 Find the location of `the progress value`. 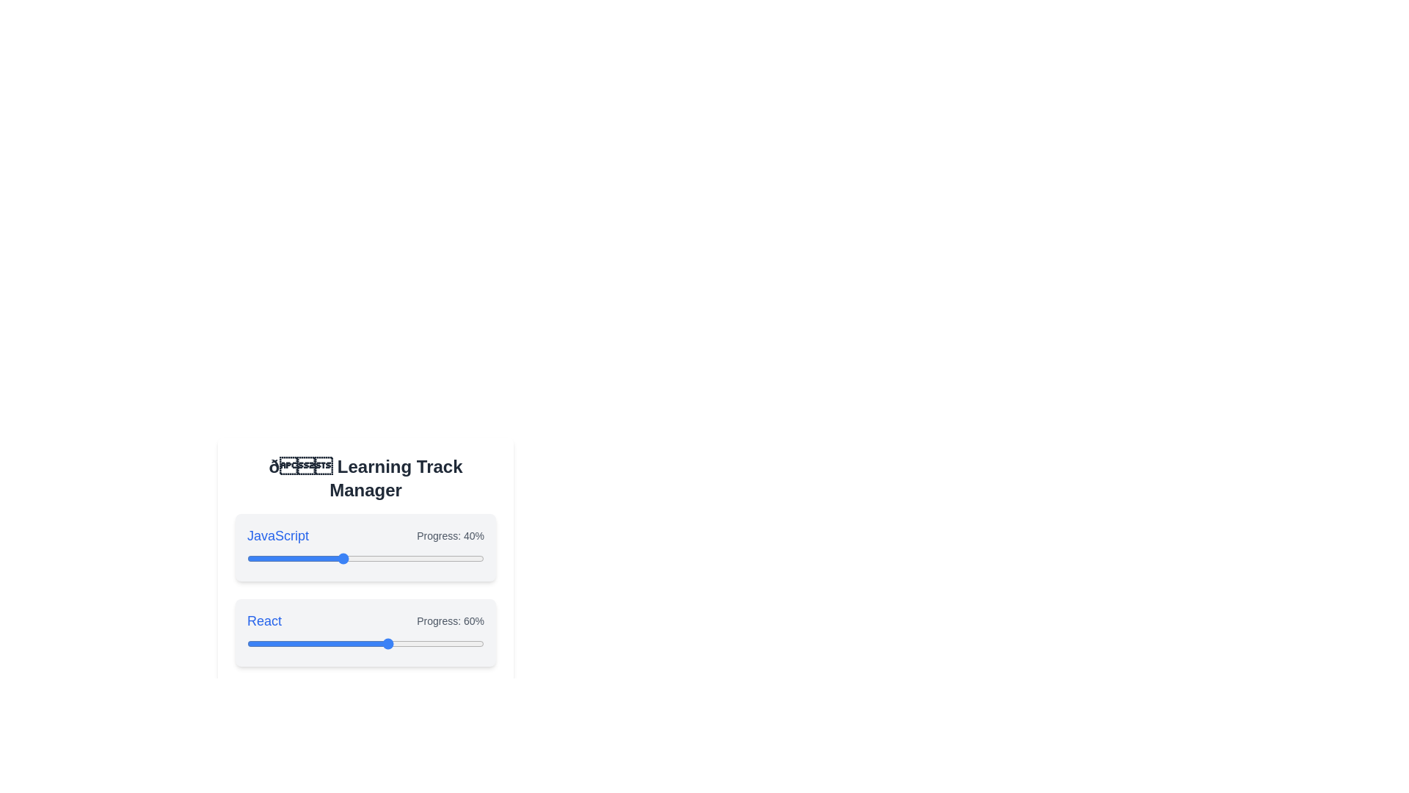

the progress value is located at coordinates (472, 642).